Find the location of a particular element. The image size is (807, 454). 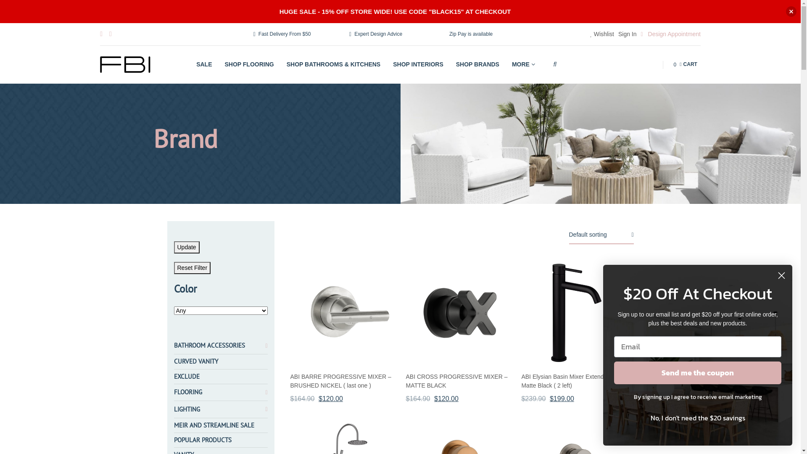

'Update' is located at coordinates (186, 247).